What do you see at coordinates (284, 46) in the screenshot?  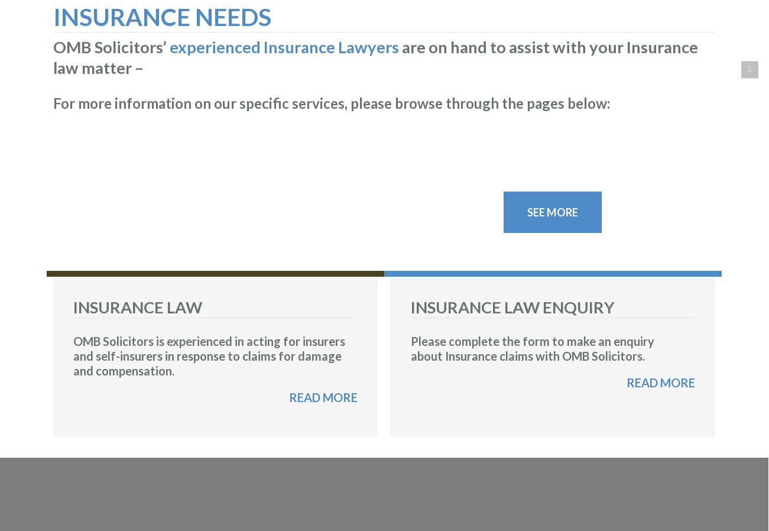 I see `'experienced Insurance Lawyers'` at bounding box center [284, 46].